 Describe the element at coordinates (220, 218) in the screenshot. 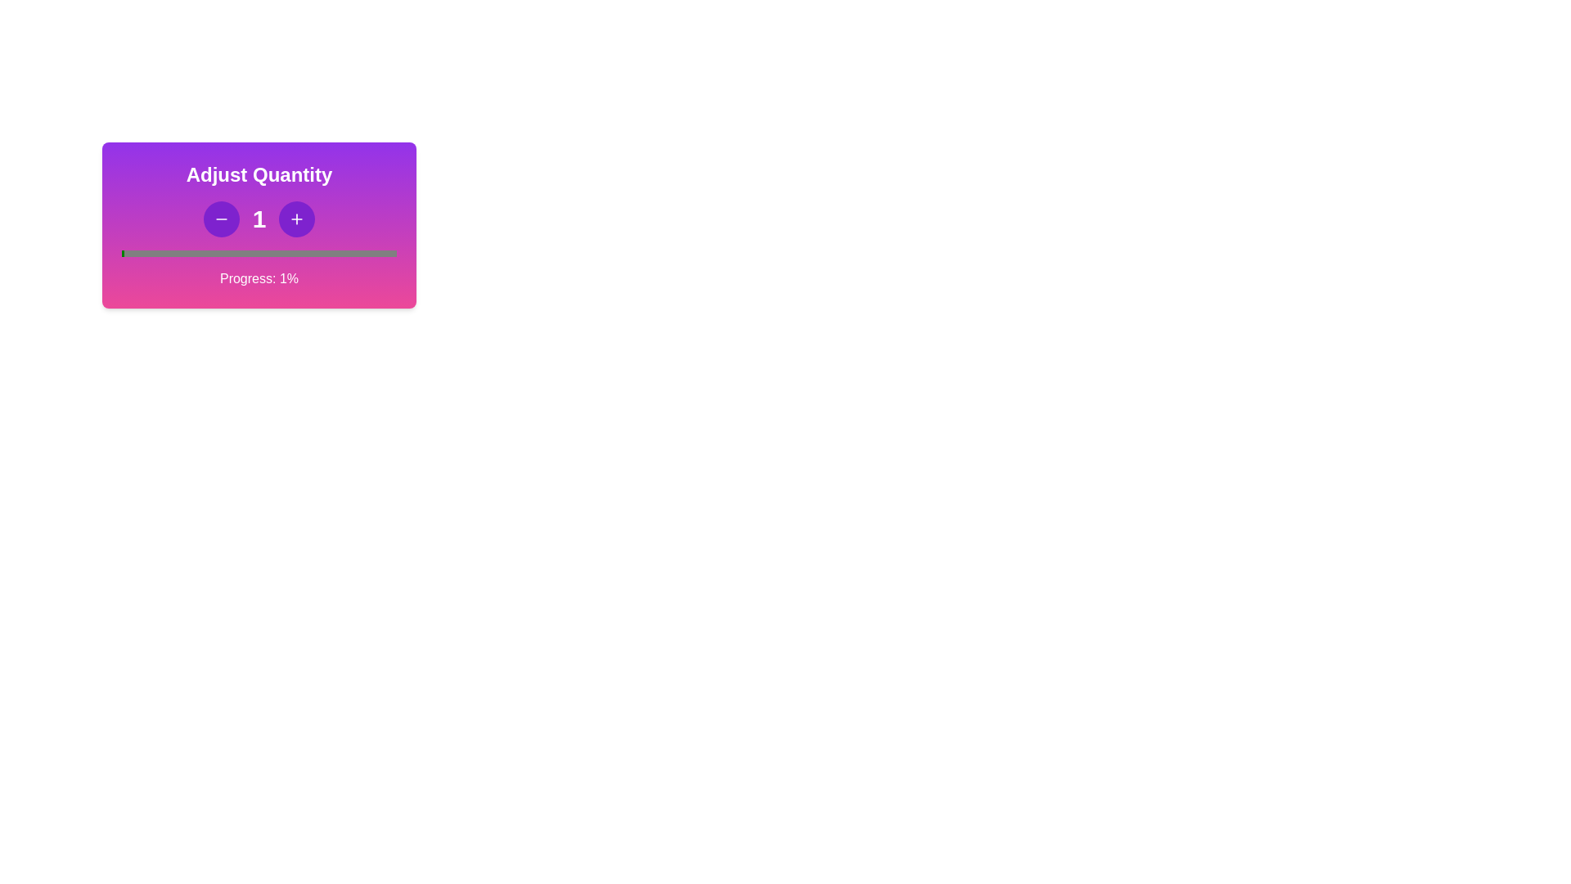

I see `the button to decrease the quantity, which is located to the left of the numeric display '1' and the plus button in the 'Adjust Quantity' layout` at that location.